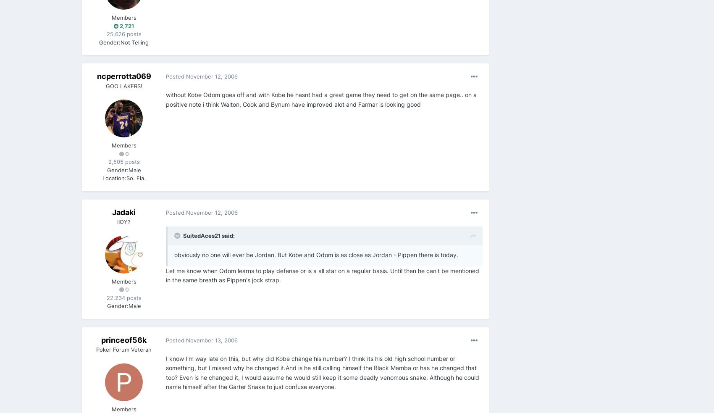  What do you see at coordinates (209, 235) in the screenshot?
I see `'SuitedAces21 said:'` at bounding box center [209, 235].